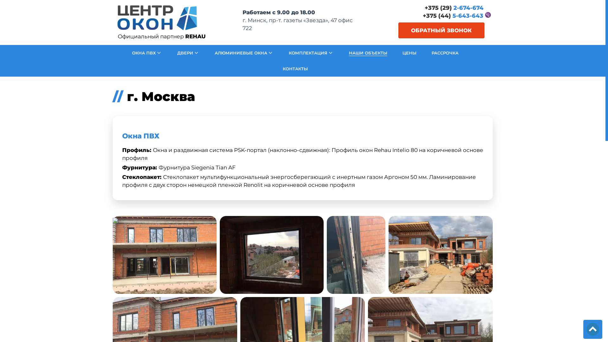  Describe the element at coordinates (453, 16) in the screenshot. I see `'+375 (44) 5-643-643'` at that location.